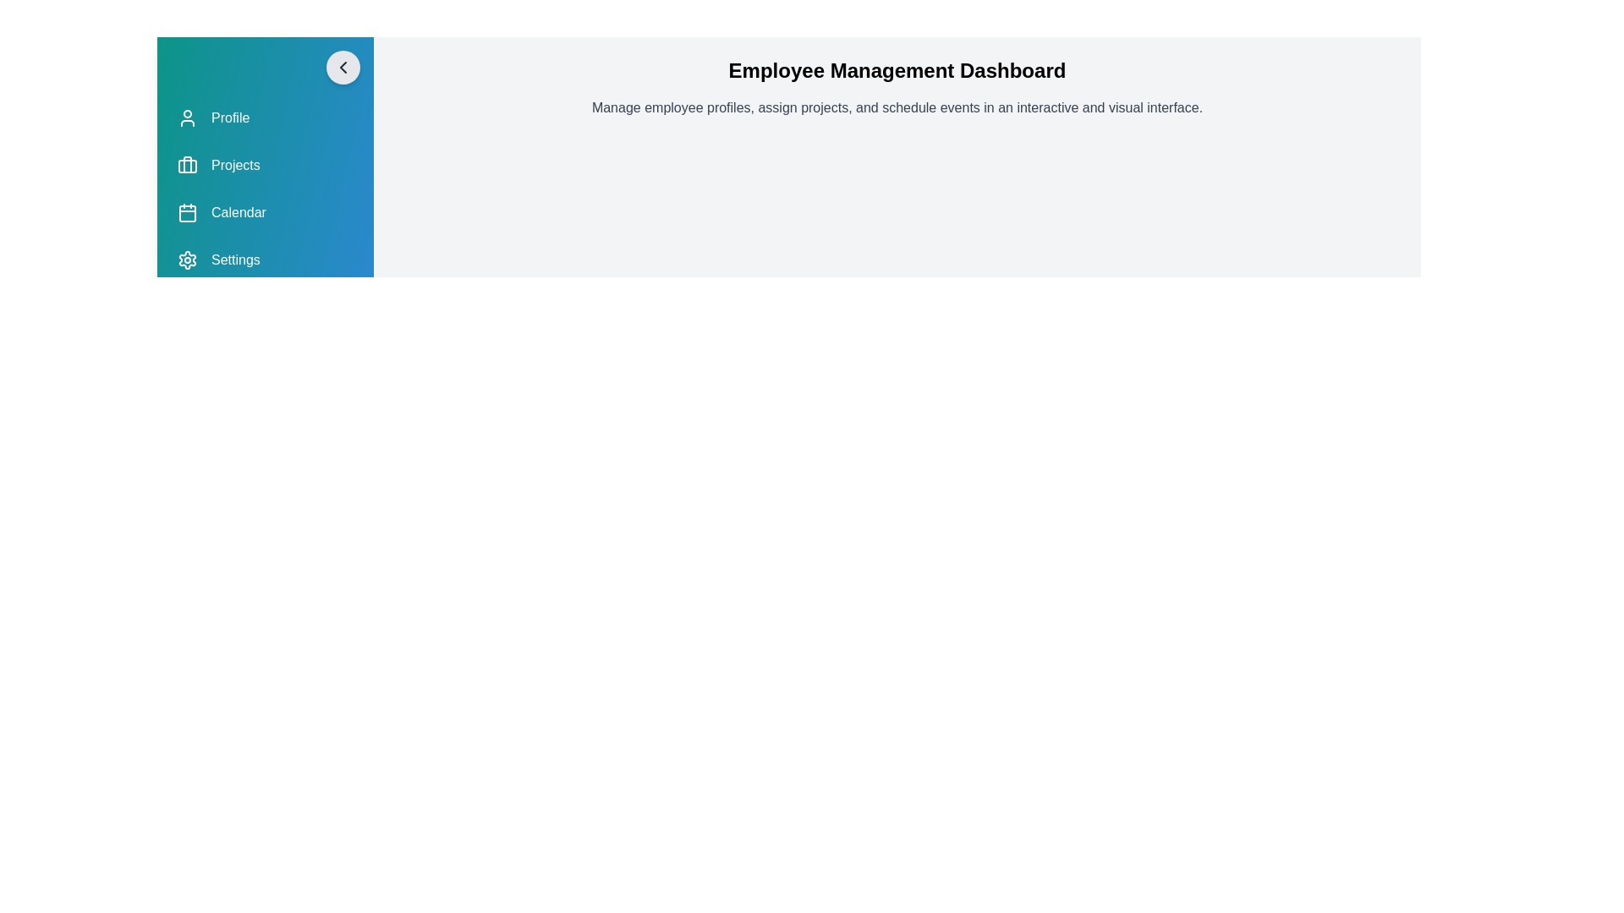  What do you see at coordinates (187, 260) in the screenshot?
I see `the Settings icon in the navigation drawer` at bounding box center [187, 260].